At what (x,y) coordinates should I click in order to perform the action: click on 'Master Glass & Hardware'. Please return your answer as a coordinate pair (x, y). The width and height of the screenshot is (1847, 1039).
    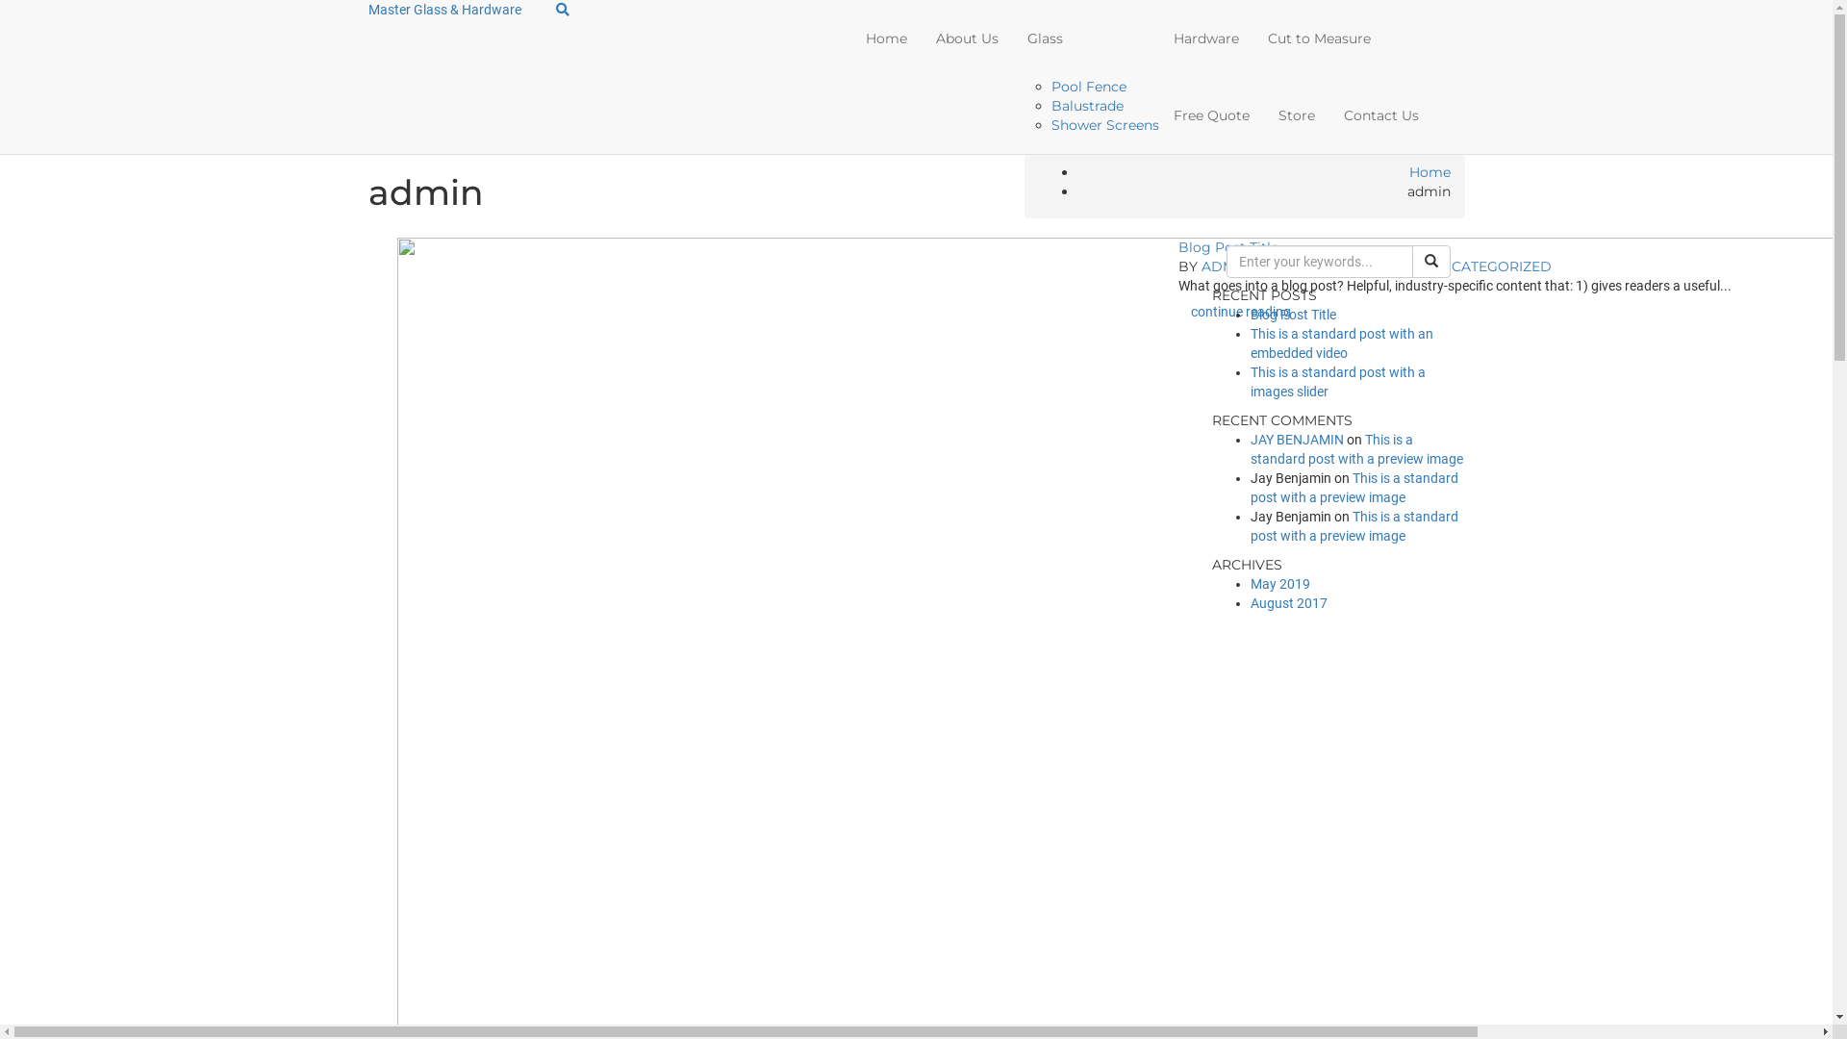
    Looking at the image, I should click on (443, 10).